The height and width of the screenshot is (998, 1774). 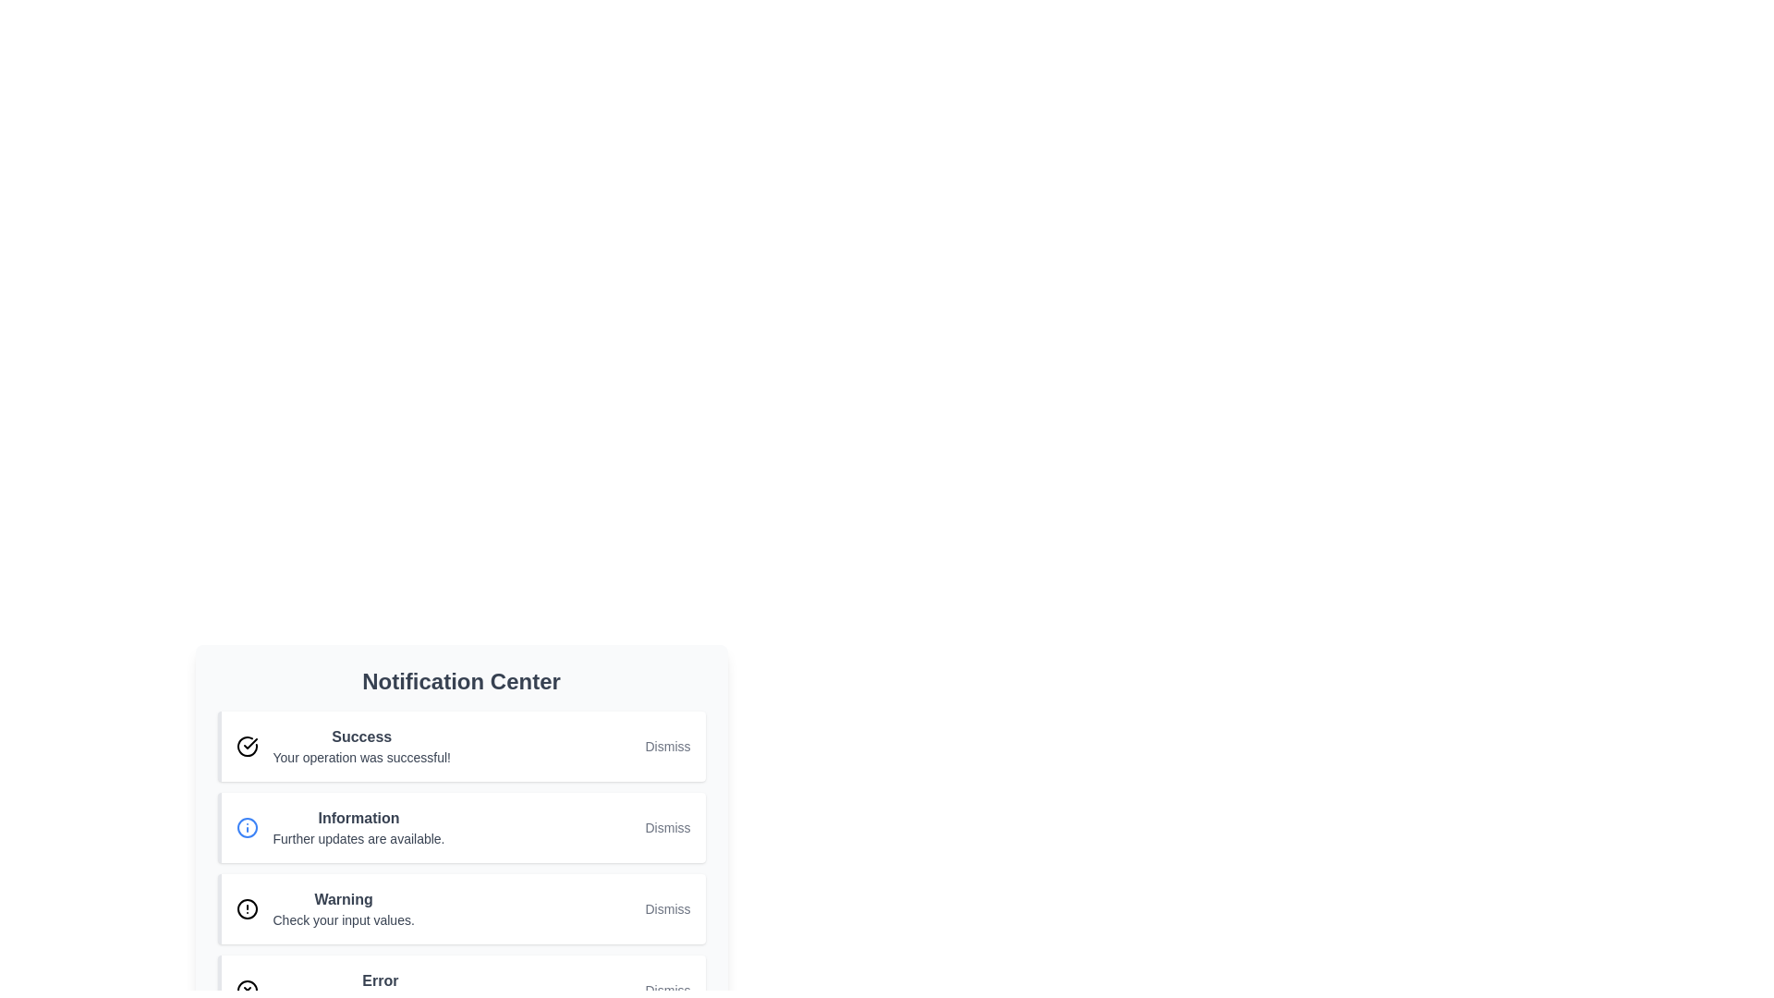 I want to click on the 'Dismiss' button styled in gray font on a white background, located at the far right of the warning notification message block, so click(x=667, y=907).